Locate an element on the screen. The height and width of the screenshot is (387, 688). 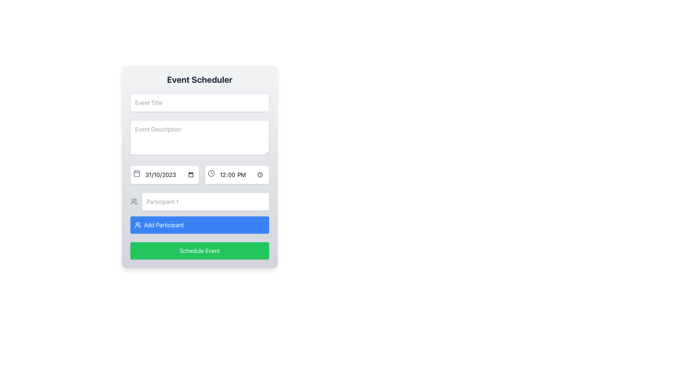
the 'Add Participant' button located below the text input field labeled 'Participant 1' in the 'Event Scheduler' panel is located at coordinates (200, 212).